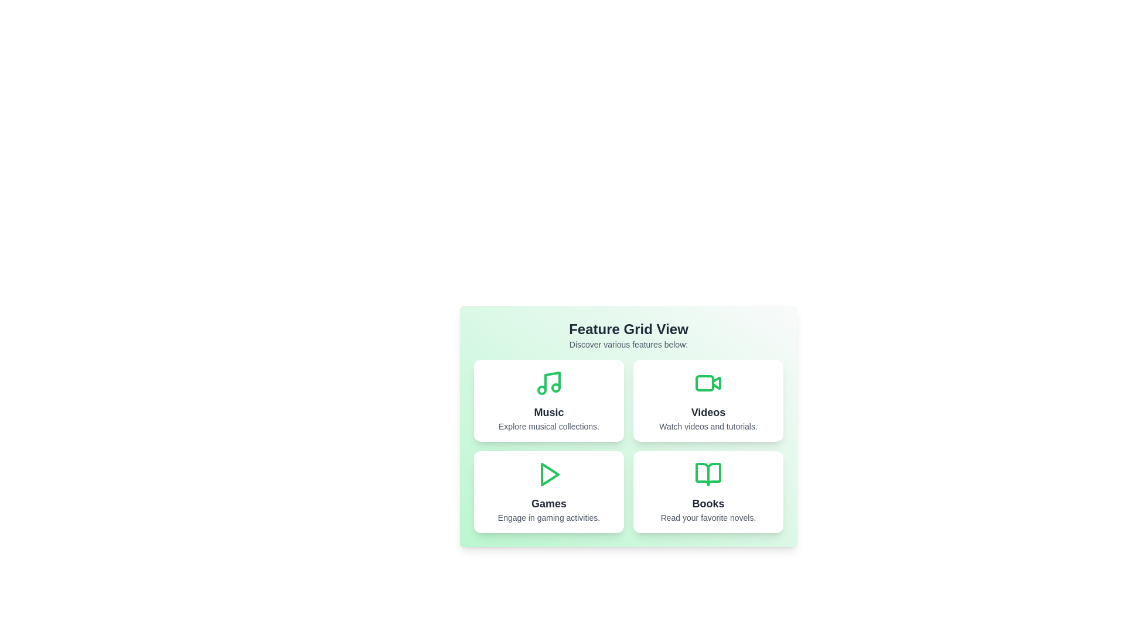 The height and width of the screenshot is (632, 1125). What do you see at coordinates (708, 492) in the screenshot?
I see `the Books card to explore its functionality` at bounding box center [708, 492].